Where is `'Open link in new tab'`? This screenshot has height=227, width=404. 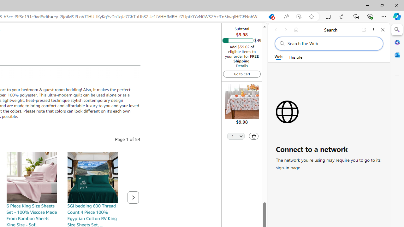
'Open link in new tab' is located at coordinates (364, 29).